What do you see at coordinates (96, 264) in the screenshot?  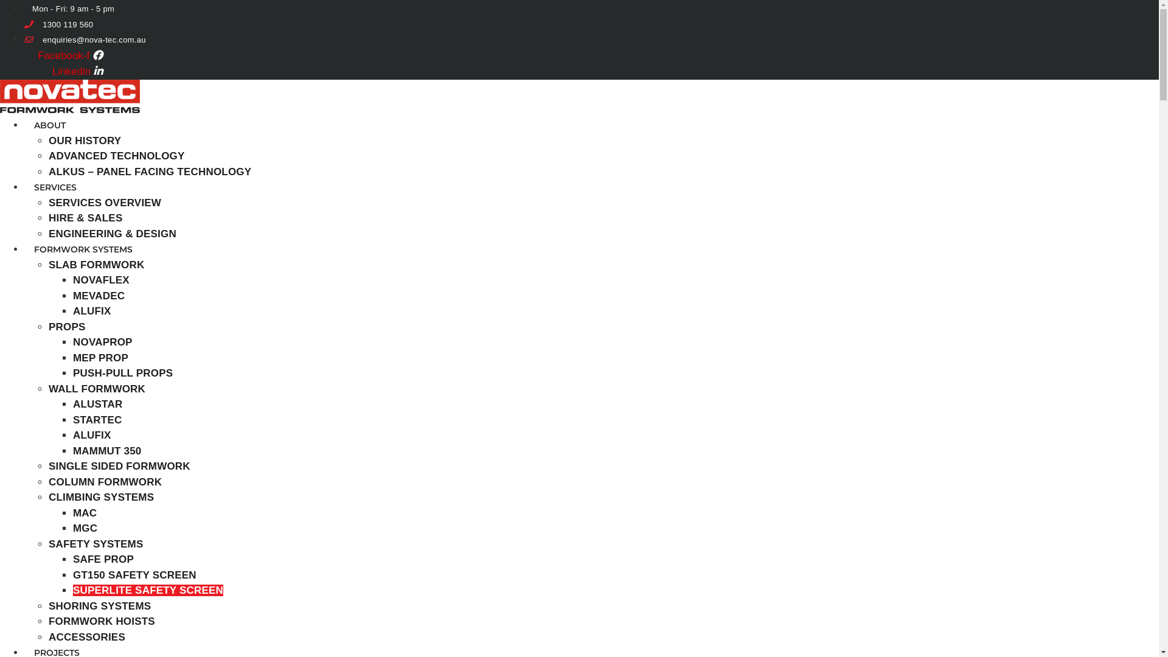 I see `'SLAB FORMWORK'` at bounding box center [96, 264].